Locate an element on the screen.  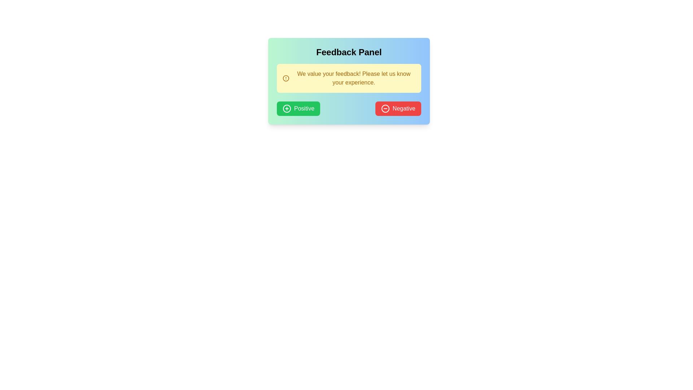
the circular icon with a plus sign located to the left of the 'Positive' text button in the feedback options panel is located at coordinates (287, 108).